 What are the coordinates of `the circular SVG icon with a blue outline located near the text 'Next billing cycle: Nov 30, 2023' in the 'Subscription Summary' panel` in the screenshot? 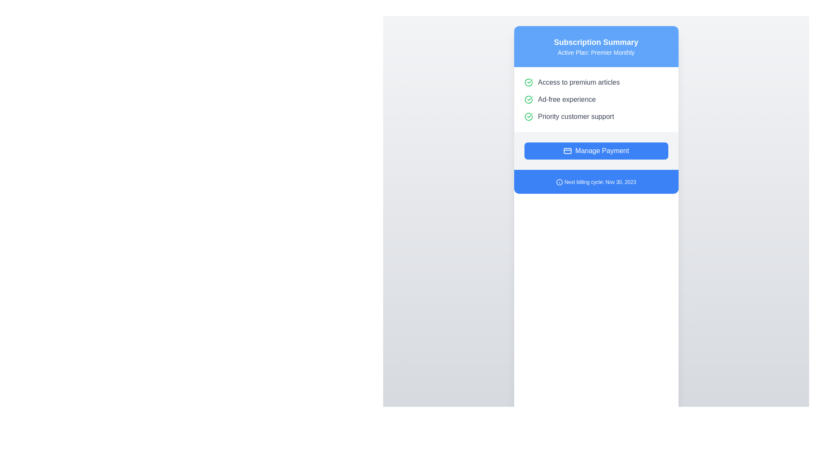 It's located at (560, 181).